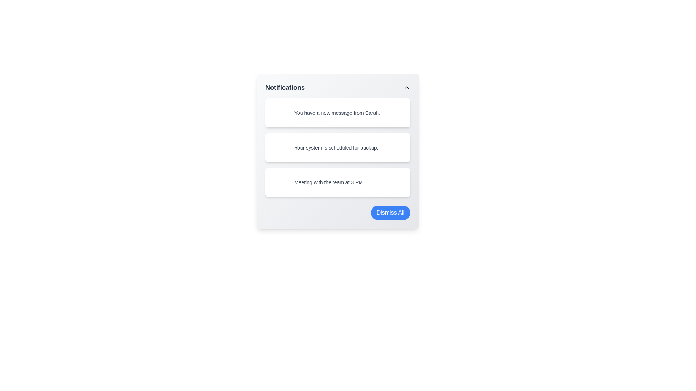 Image resolution: width=696 pixels, height=391 pixels. I want to click on the 'Dismiss All' button, which is a rounded rectangular button with a blue background and white text, located in the bottom-right corner of the notifications card, so click(390, 212).